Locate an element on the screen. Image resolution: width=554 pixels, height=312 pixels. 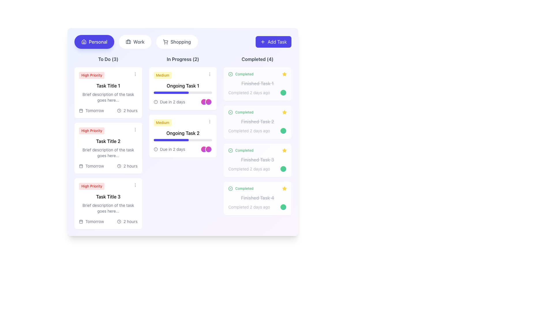
the static text element that indicates the time elapsed since the completion of 'Finished Task 3', located at the bottom of the 'Completed' column under the card labeled 'Finished Task 3' is located at coordinates (257, 169).